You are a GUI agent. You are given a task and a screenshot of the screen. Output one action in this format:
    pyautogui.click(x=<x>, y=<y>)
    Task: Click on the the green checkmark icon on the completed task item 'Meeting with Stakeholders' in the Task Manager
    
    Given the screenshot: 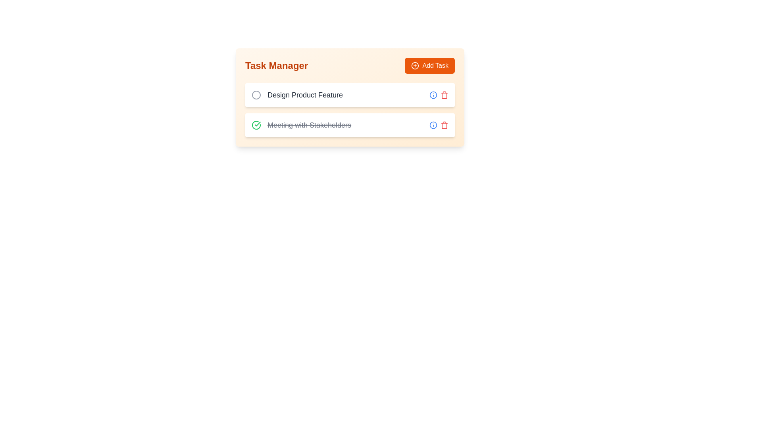 What is the action you would take?
    pyautogui.click(x=350, y=125)
    